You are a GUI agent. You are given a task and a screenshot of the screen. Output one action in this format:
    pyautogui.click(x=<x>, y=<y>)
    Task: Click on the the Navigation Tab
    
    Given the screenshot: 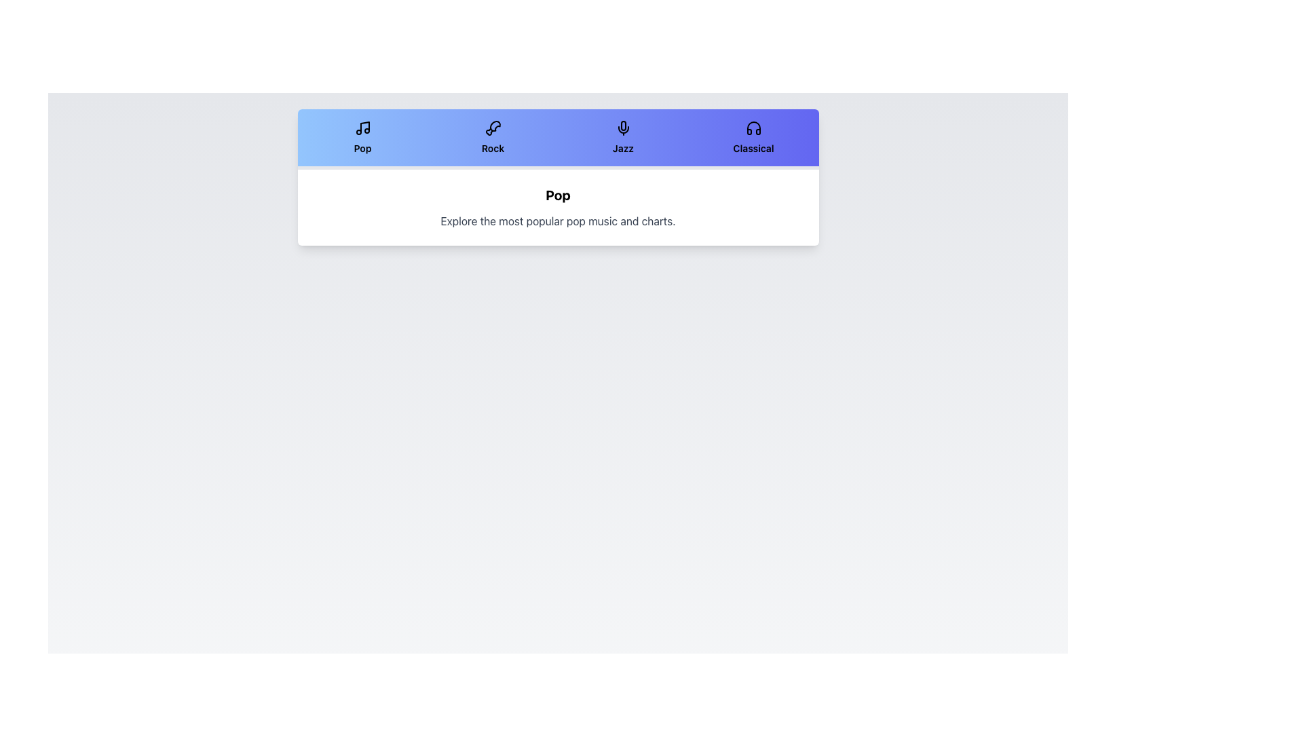 What is the action you would take?
    pyautogui.click(x=492, y=138)
    